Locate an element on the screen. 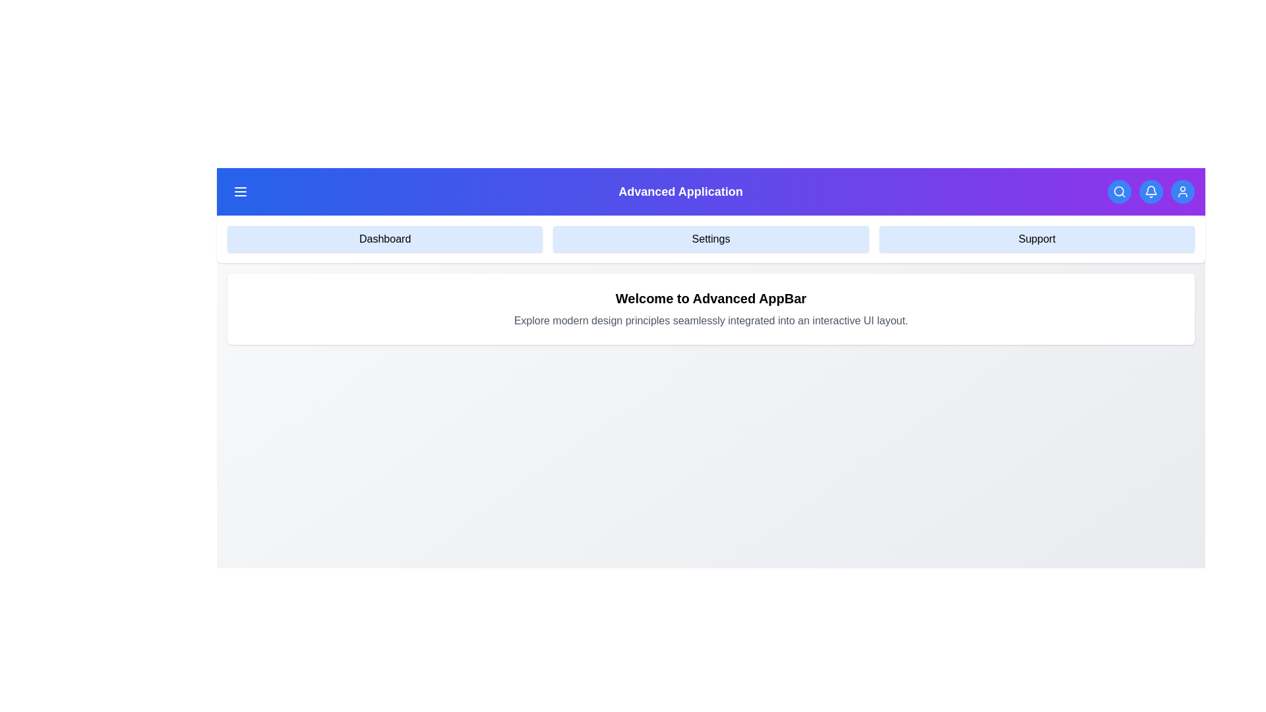  the notification icon located in the top-right corner of the app bar is located at coordinates (1150, 191).